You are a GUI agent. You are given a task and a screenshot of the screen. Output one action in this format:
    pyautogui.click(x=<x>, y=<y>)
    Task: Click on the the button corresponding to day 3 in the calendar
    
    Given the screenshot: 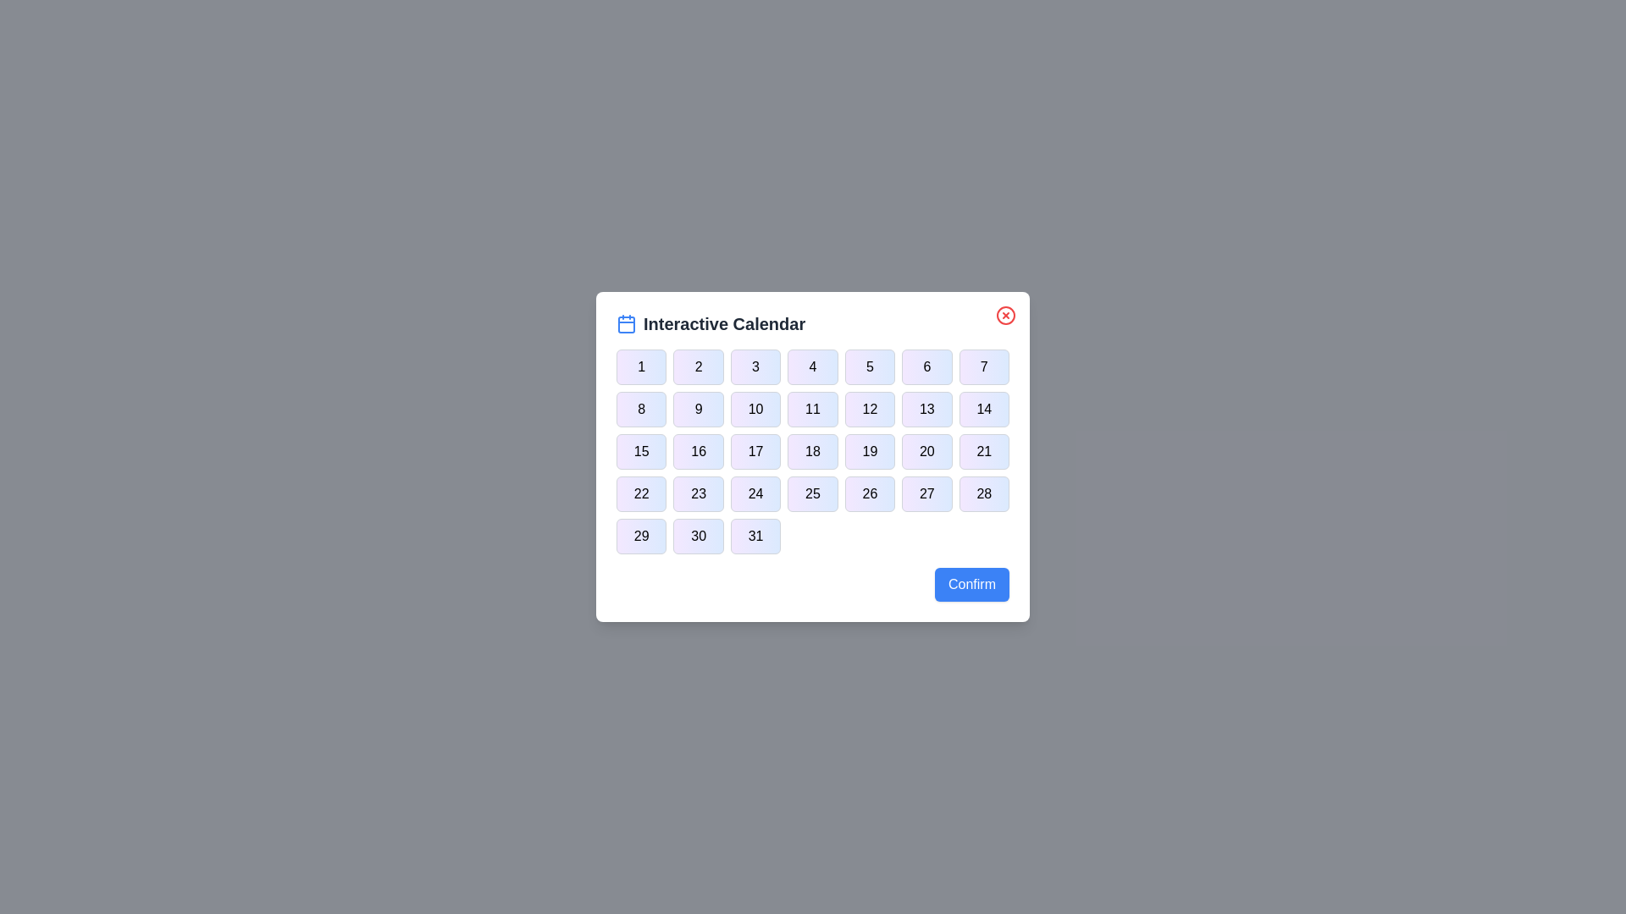 What is the action you would take?
    pyautogui.click(x=755, y=366)
    